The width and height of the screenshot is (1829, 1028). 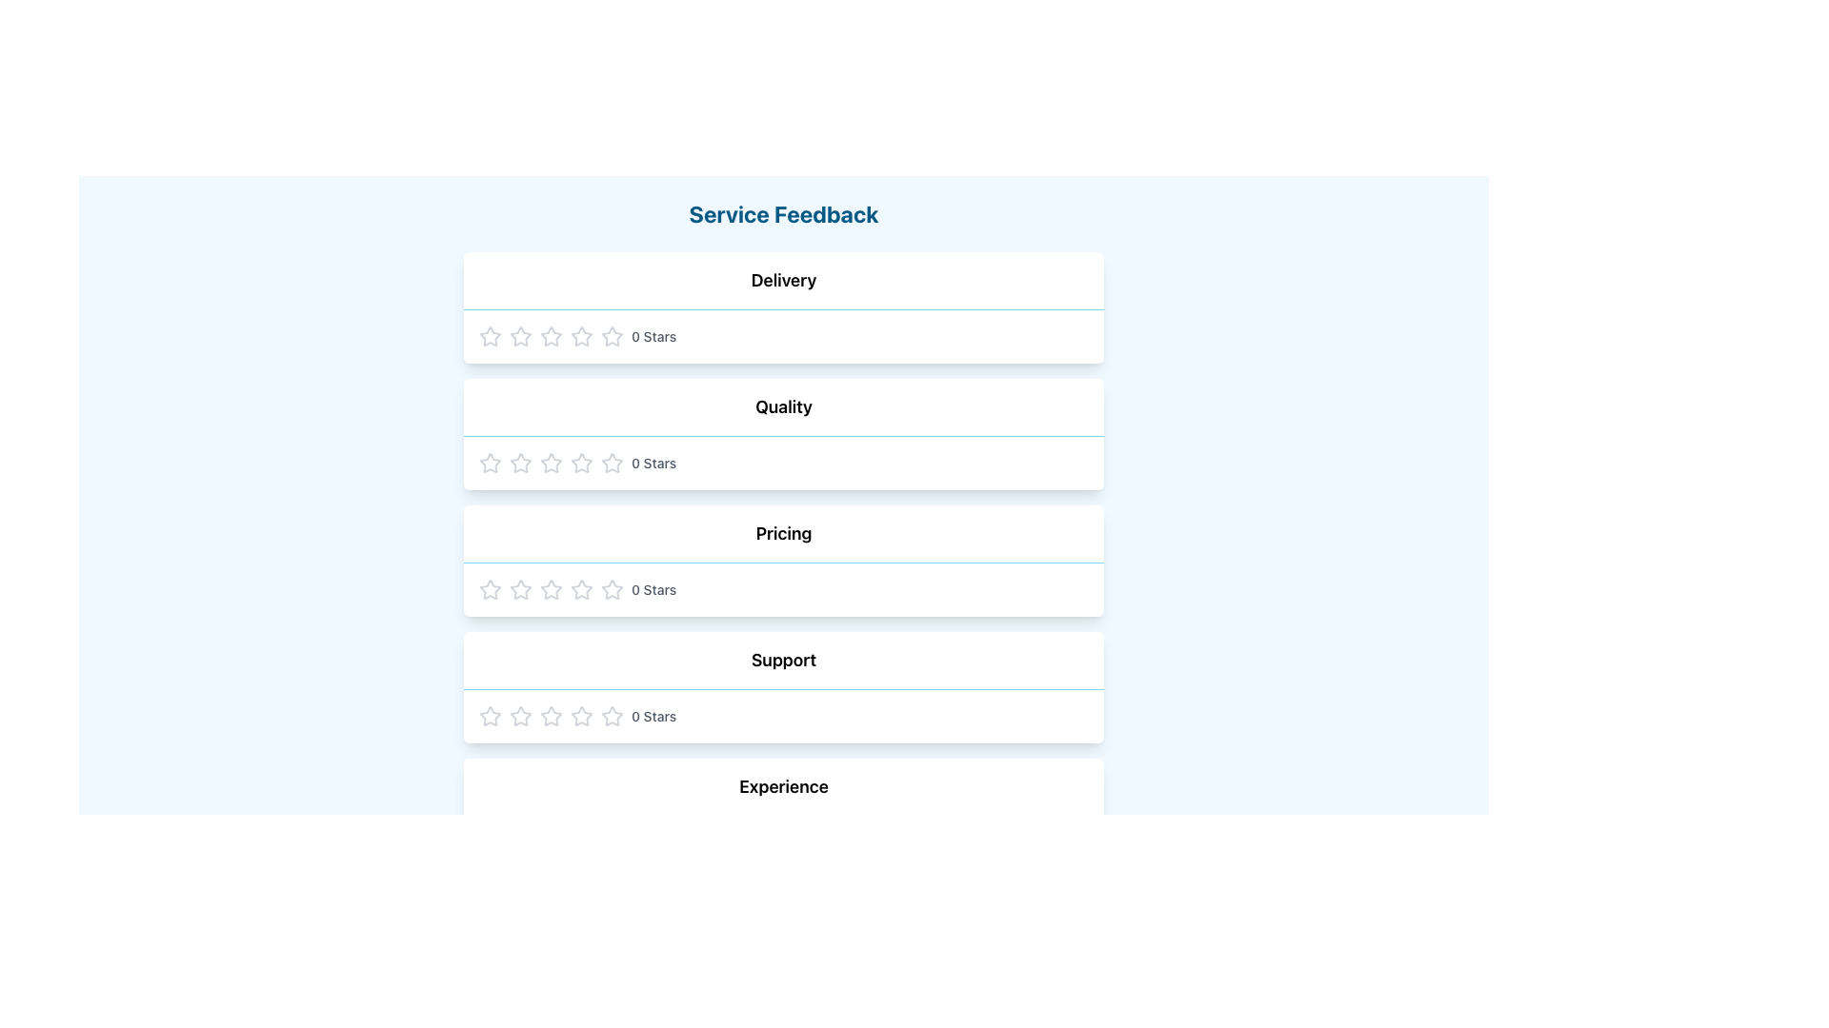 What do you see at coordinates (521, 589) in the screenshot?
I see `the second star icon in the rating system for the 'Pricing' category to interact with it` at bounding box center [521, 589].